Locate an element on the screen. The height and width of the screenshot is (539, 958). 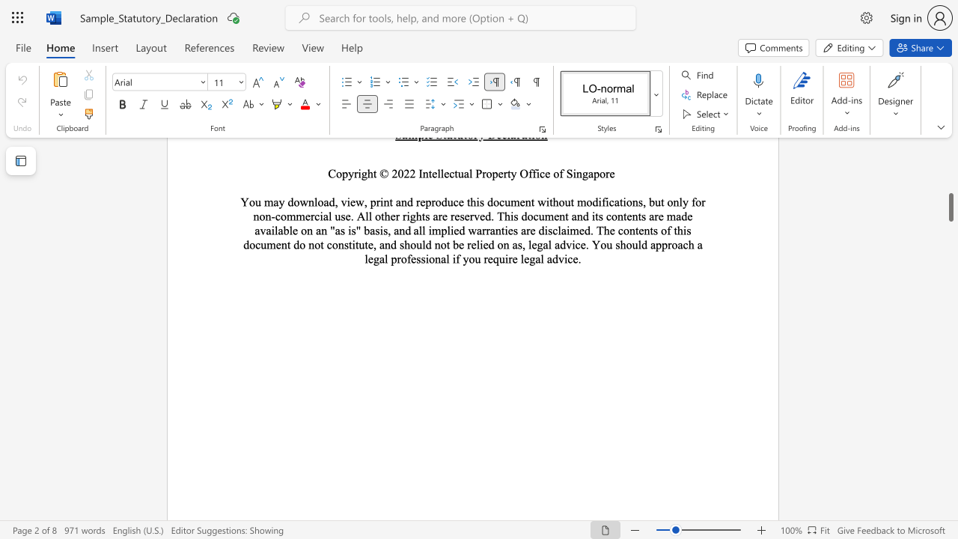
the scrollbar to adjust the page upward is located at coordinates (950, 178).